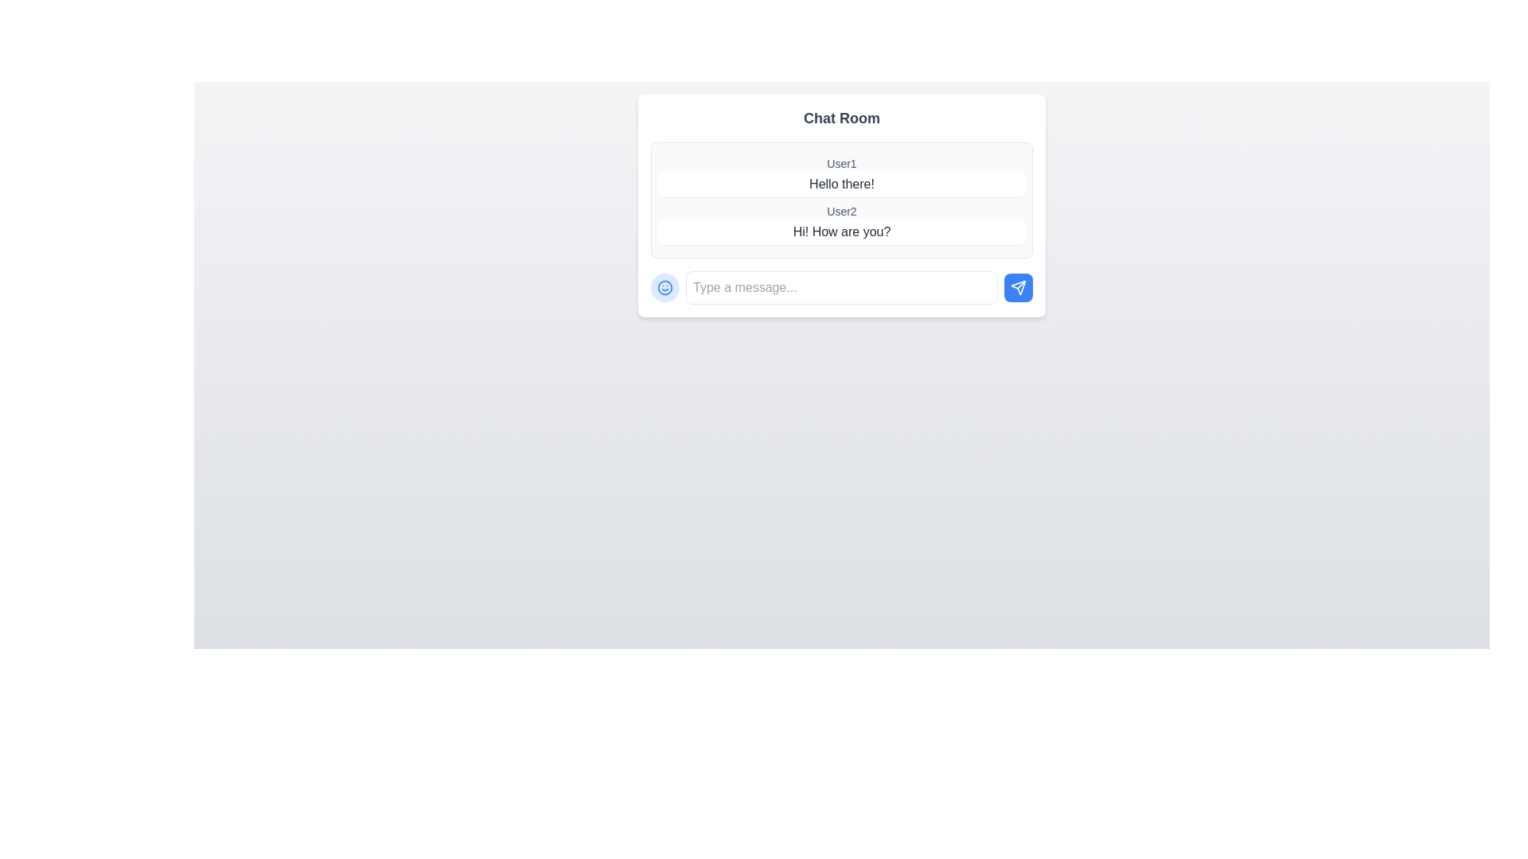  I want to click on the text display field that shows messages in the conversation interface, located below the 'User1' text element and centered within the chat box, so click(840, 183).